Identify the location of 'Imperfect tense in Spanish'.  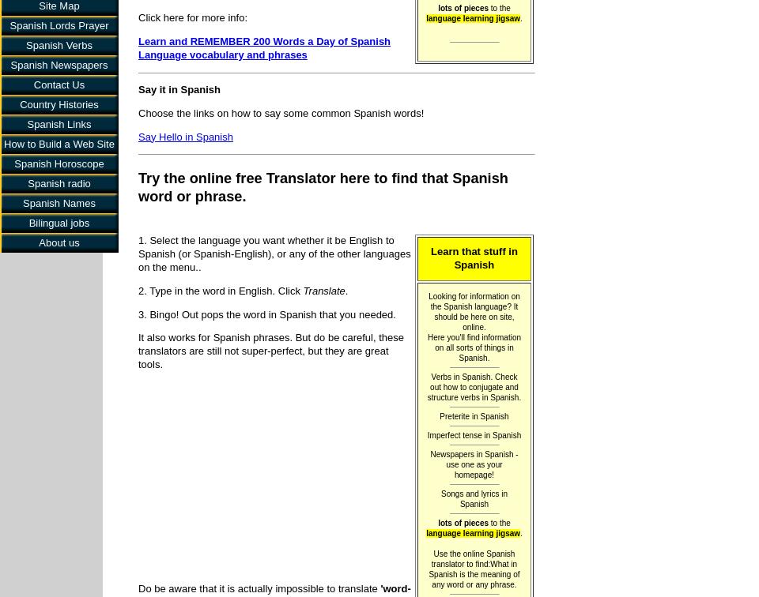
(474, 434).